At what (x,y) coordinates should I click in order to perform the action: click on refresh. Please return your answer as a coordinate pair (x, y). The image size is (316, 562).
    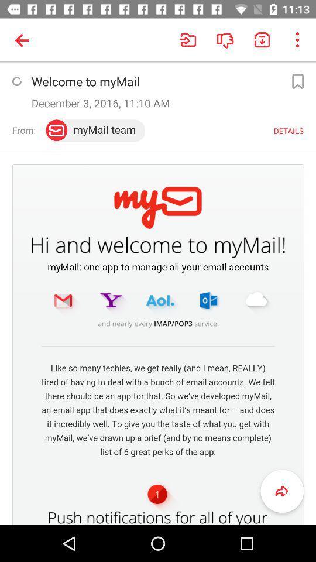
    Looking at the image, I should click on (16, 81).